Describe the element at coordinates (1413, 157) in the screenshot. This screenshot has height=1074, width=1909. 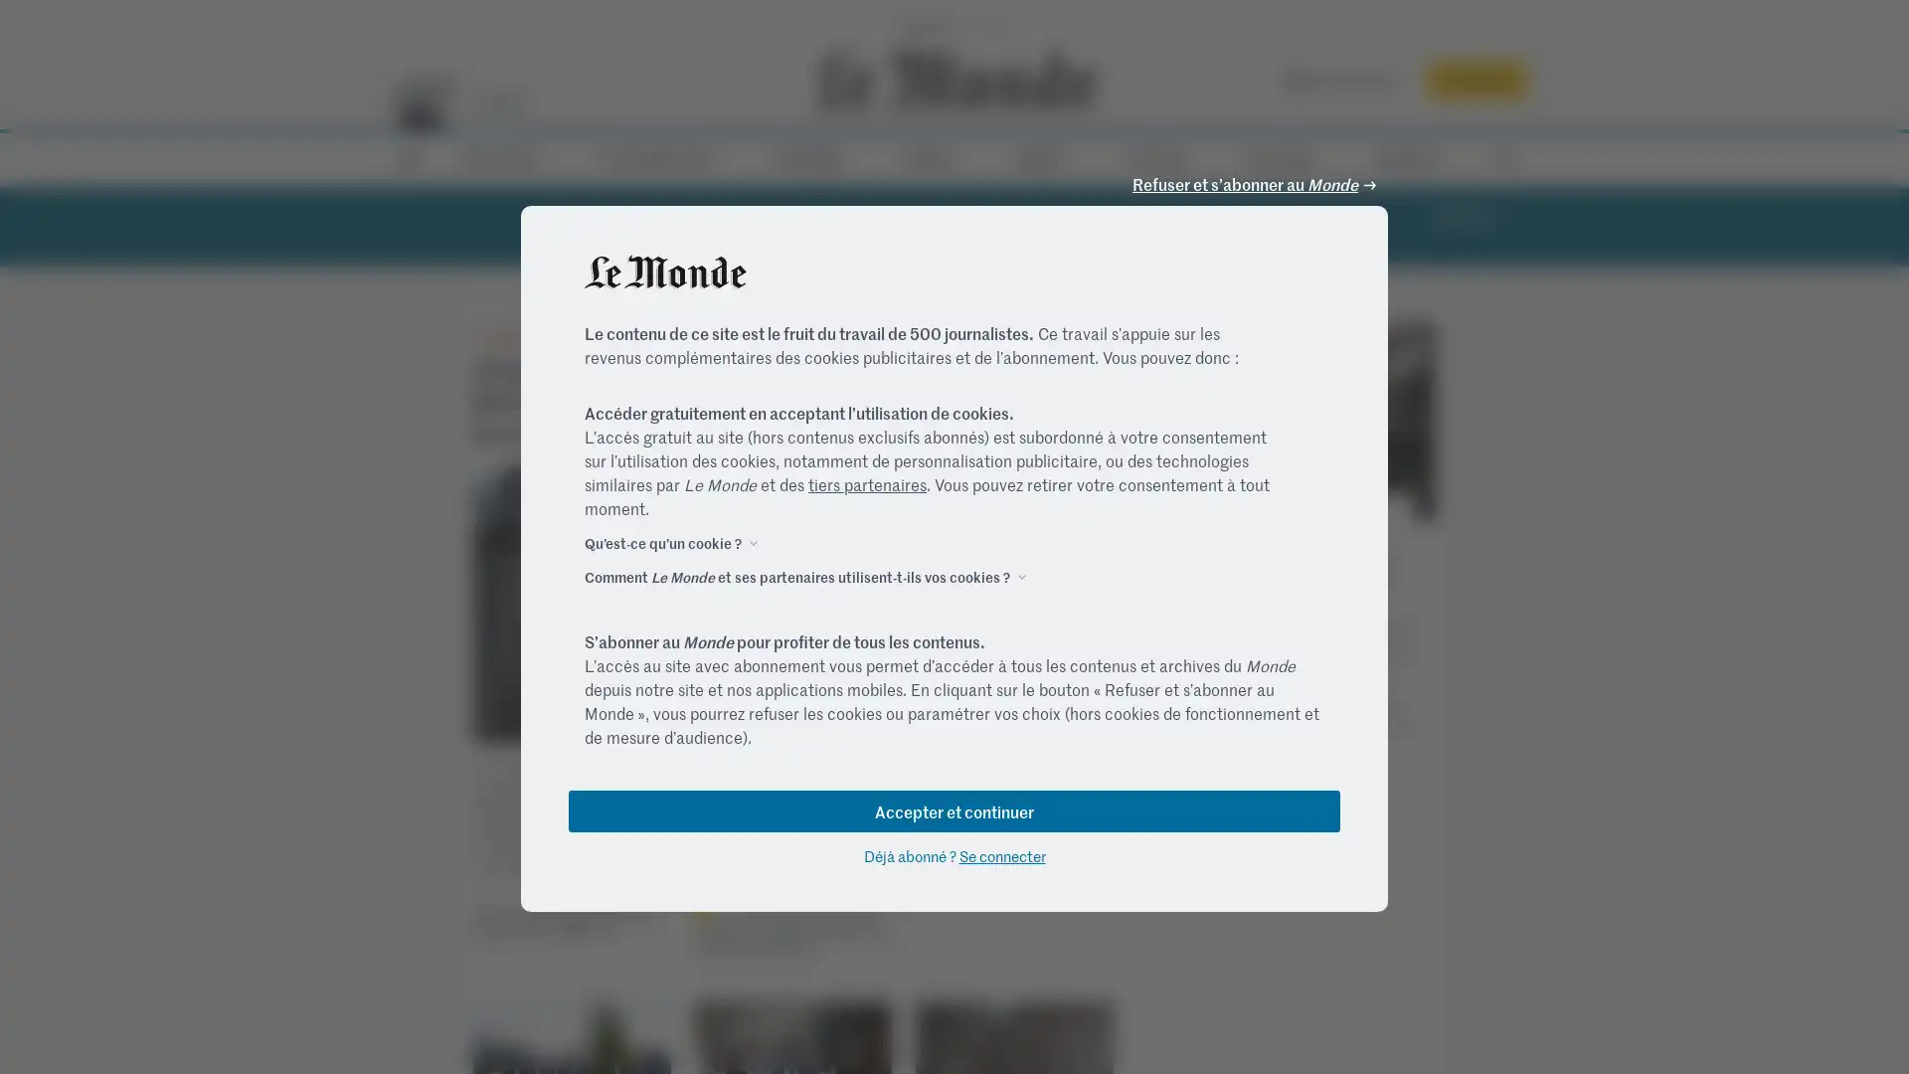
I see `SERVICES` at that location.